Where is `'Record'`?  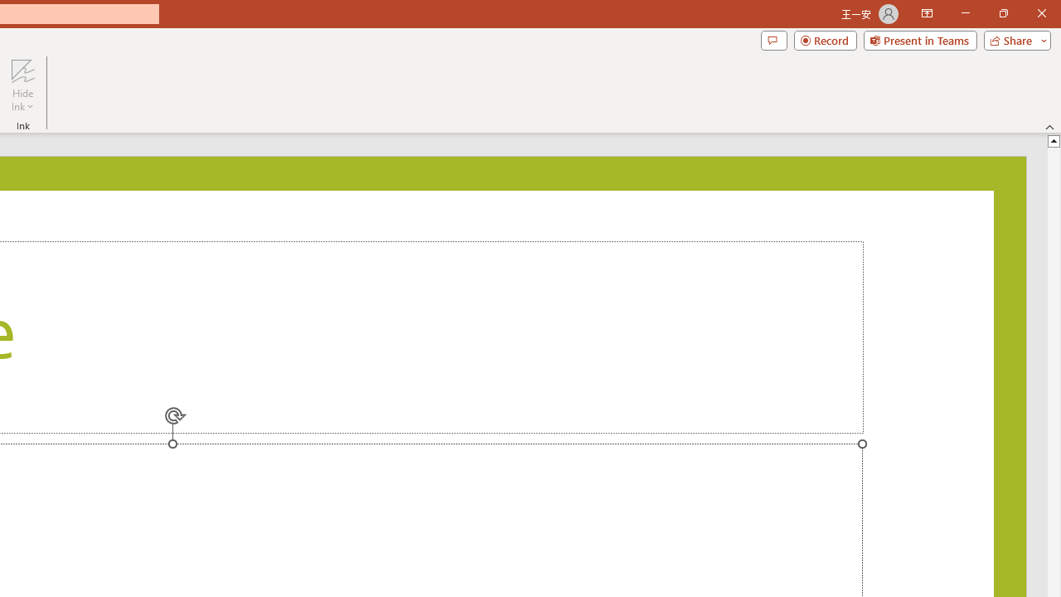 'Record' is located at coordinates (825, 39).